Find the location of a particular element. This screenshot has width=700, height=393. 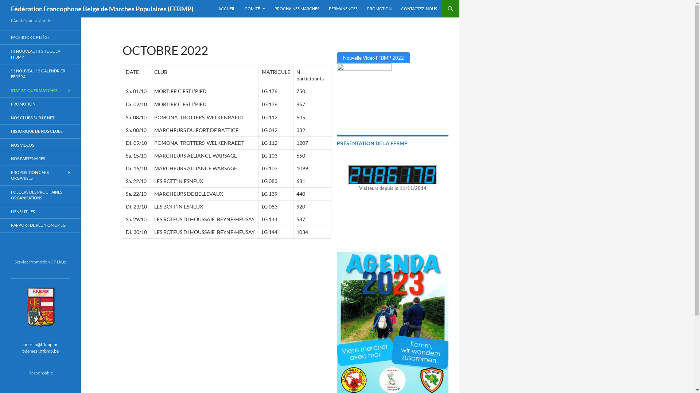

'LIENS UTILES' is located at coordinates (40, 212).